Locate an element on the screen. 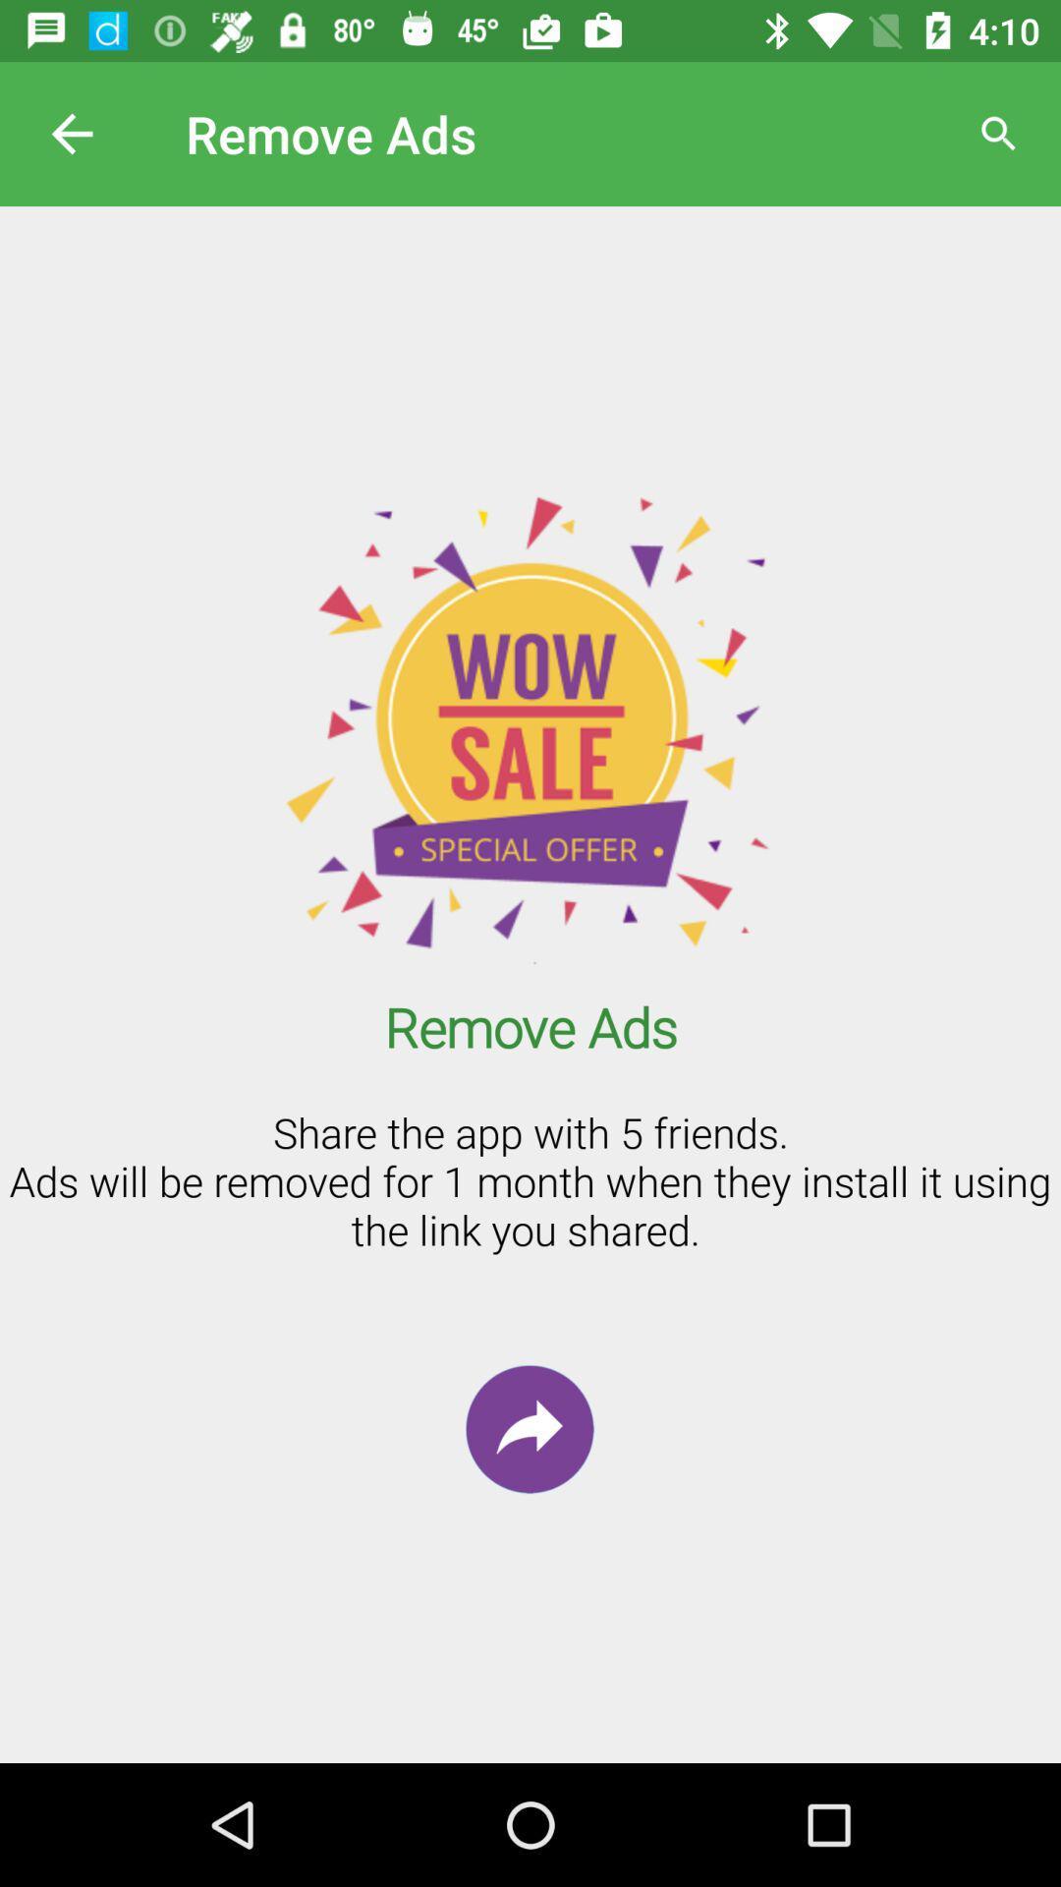 This screenshot has height=1887, width=1061. the redo icon is located at coordinates (529, 1429).